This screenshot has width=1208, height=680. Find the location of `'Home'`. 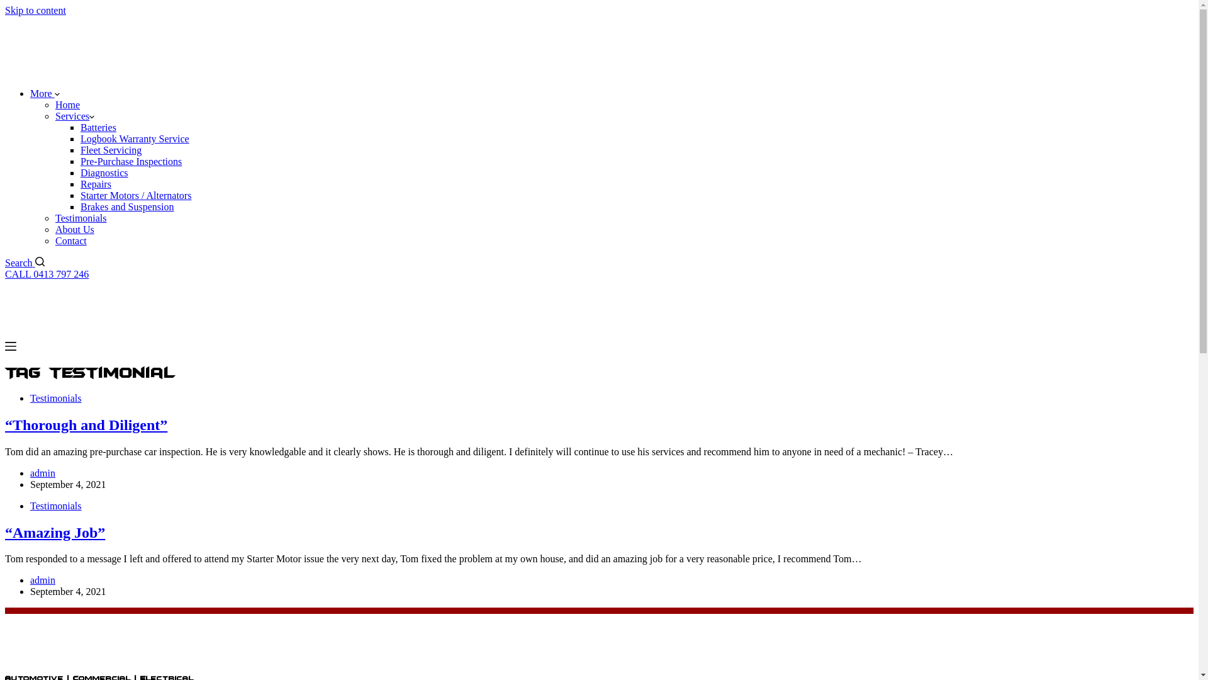

'Home' is located at coordinates (54, 104).